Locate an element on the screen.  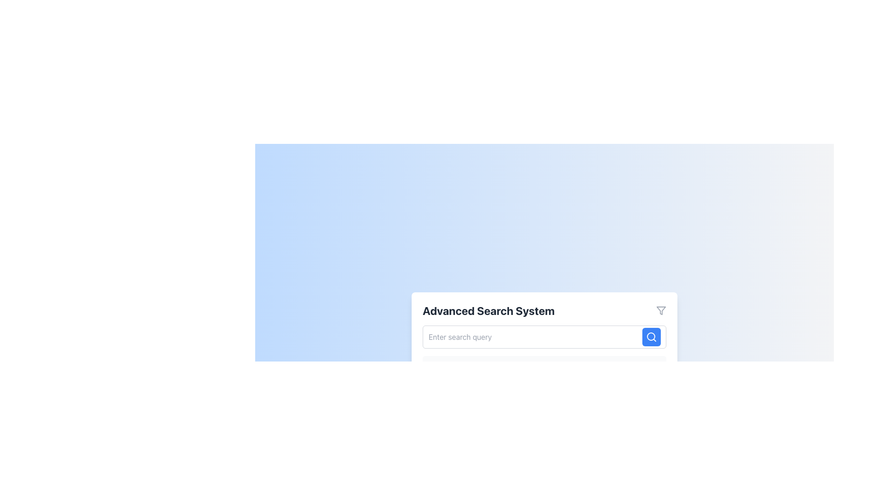
the magnifying glass icon inside the blue circular button is located at coordinates (651, 337).